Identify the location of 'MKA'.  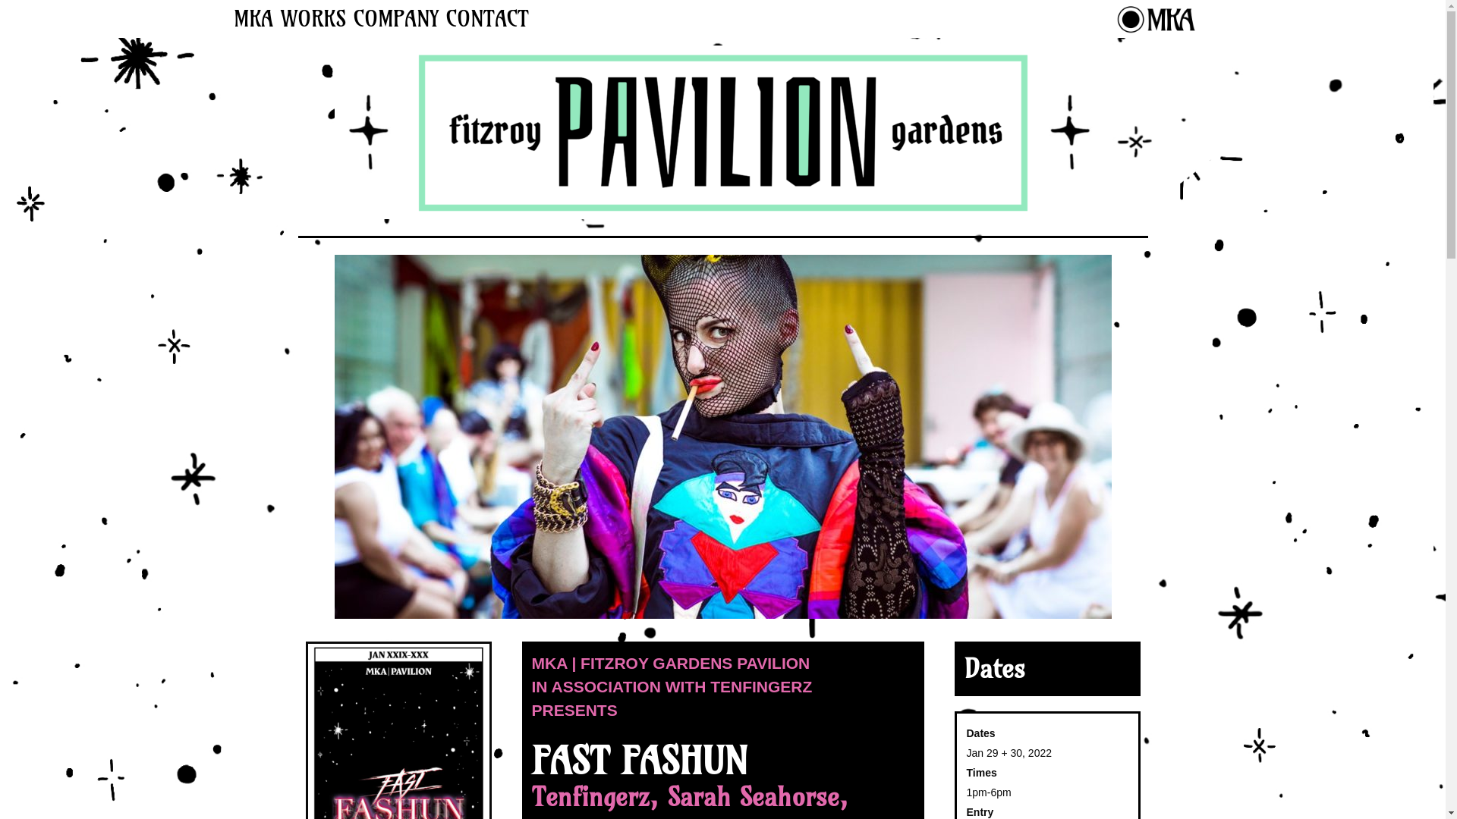
(252, 18).